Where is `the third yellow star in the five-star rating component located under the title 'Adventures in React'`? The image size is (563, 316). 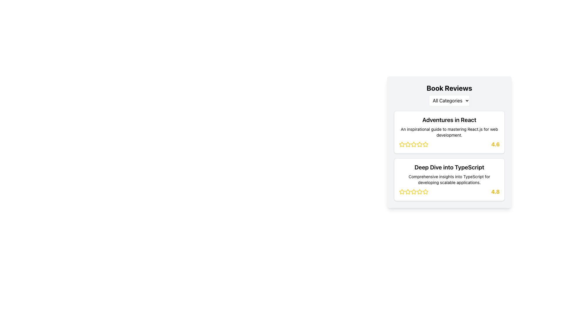 the third yellow star in the five-star rating component located under the title 'Adventures in React' is located at coordinates (425, 144).